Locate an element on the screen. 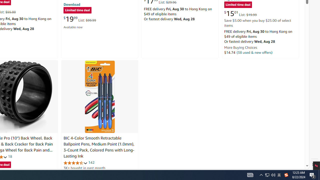 The width and height of the screenshot is (320, 180). '18' is located at coordinates (10, 156).